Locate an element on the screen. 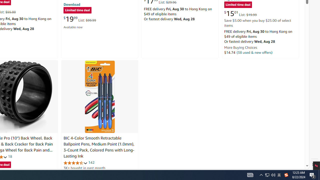 The width and height of the screenshot is (320, 180). '18' is located at coordinates (10, 156).